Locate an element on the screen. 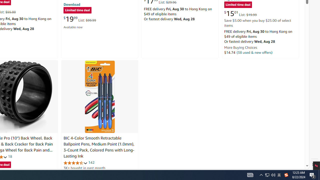 The width and height of the screenshot is (320, 180). '18' is located at coordinates (10, 156).